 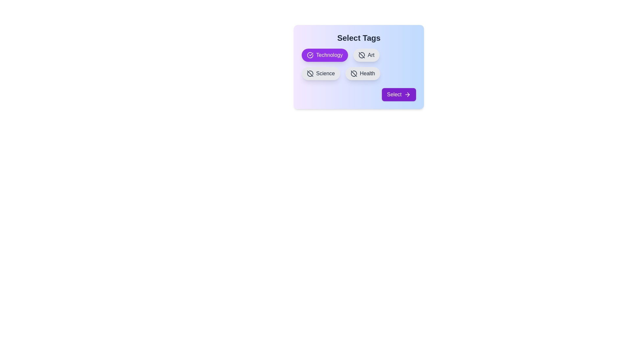 What do you see at coordinates (362, 73) in the screenshot?
I see `the tag Health` at bounding box center [362, 73].